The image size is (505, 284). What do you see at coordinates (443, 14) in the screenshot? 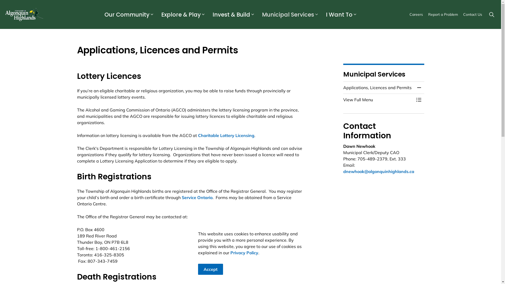
I see `'Report a Problem'` at bounding box center [443, 14].